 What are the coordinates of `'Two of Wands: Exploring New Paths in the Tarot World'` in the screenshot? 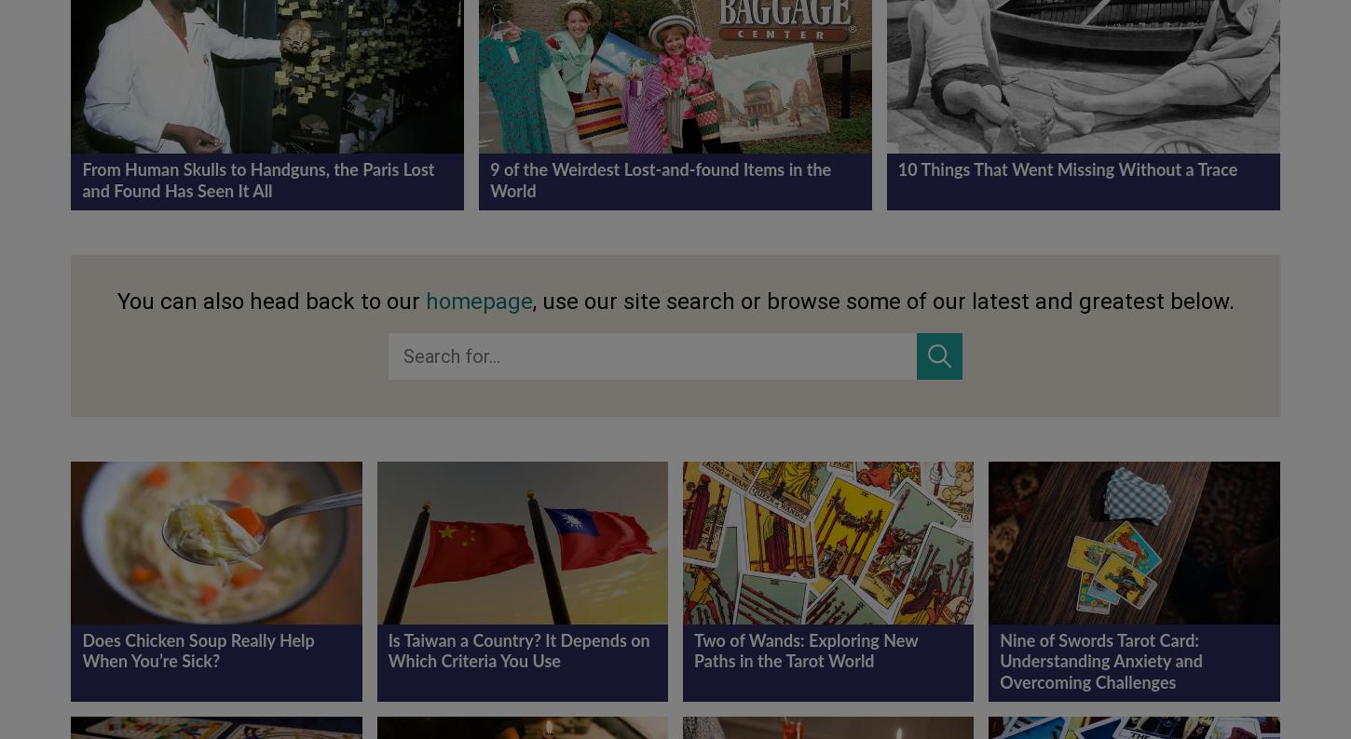 It's located at (694, 652).